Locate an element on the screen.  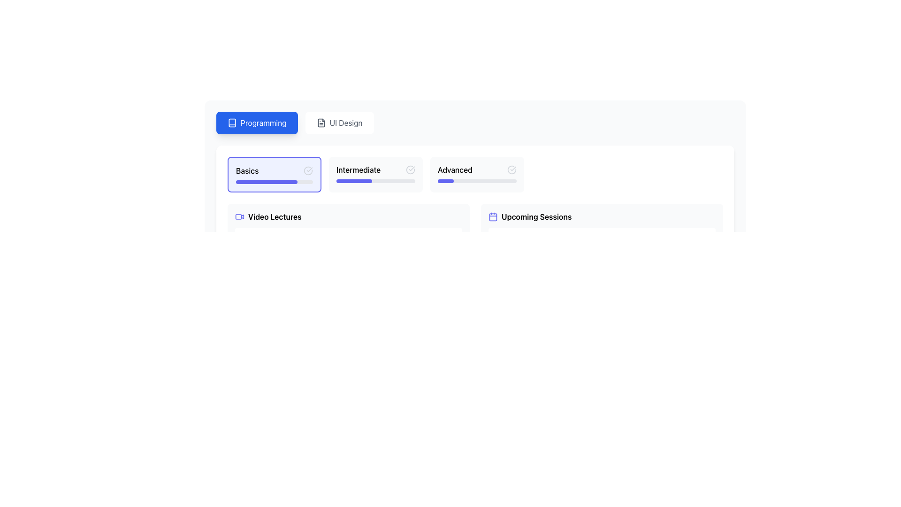
the 'UI Design' button located in the horizontal navigation bar near the top center of the interface is located at coordinates (345, 123).